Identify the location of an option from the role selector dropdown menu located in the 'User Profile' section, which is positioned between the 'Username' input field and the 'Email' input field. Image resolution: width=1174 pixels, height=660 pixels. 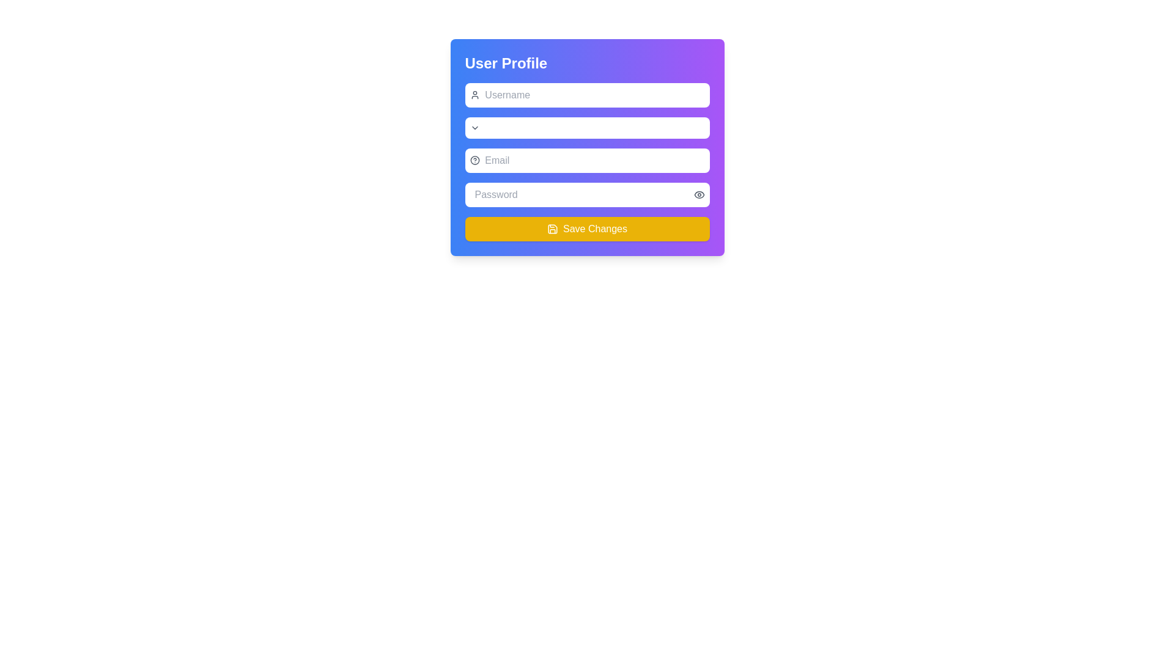
(594, 128).